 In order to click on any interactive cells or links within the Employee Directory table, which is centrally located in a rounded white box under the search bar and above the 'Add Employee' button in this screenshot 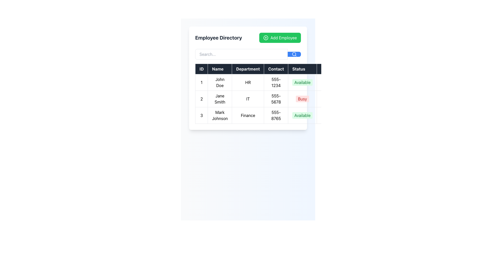, I will do `click(267, 94)`.